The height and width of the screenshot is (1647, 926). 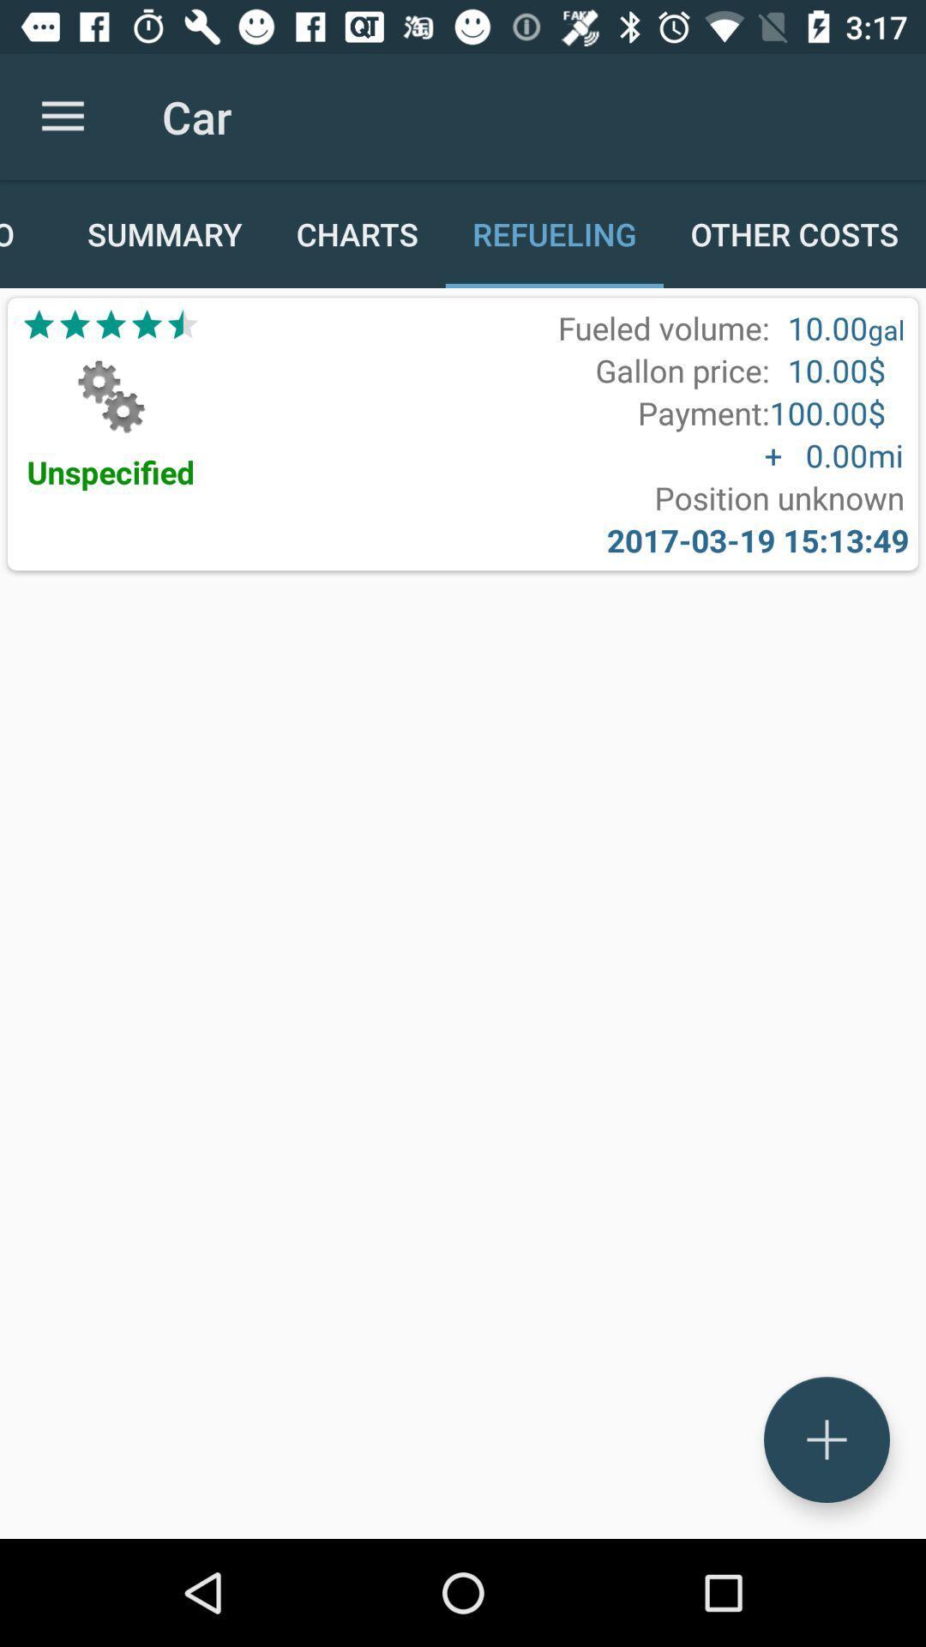 What do you see at coordinates (703, 413) in the screenshot?
I see `the icon above the +   0.00 item` at bounding box center [703, 413].